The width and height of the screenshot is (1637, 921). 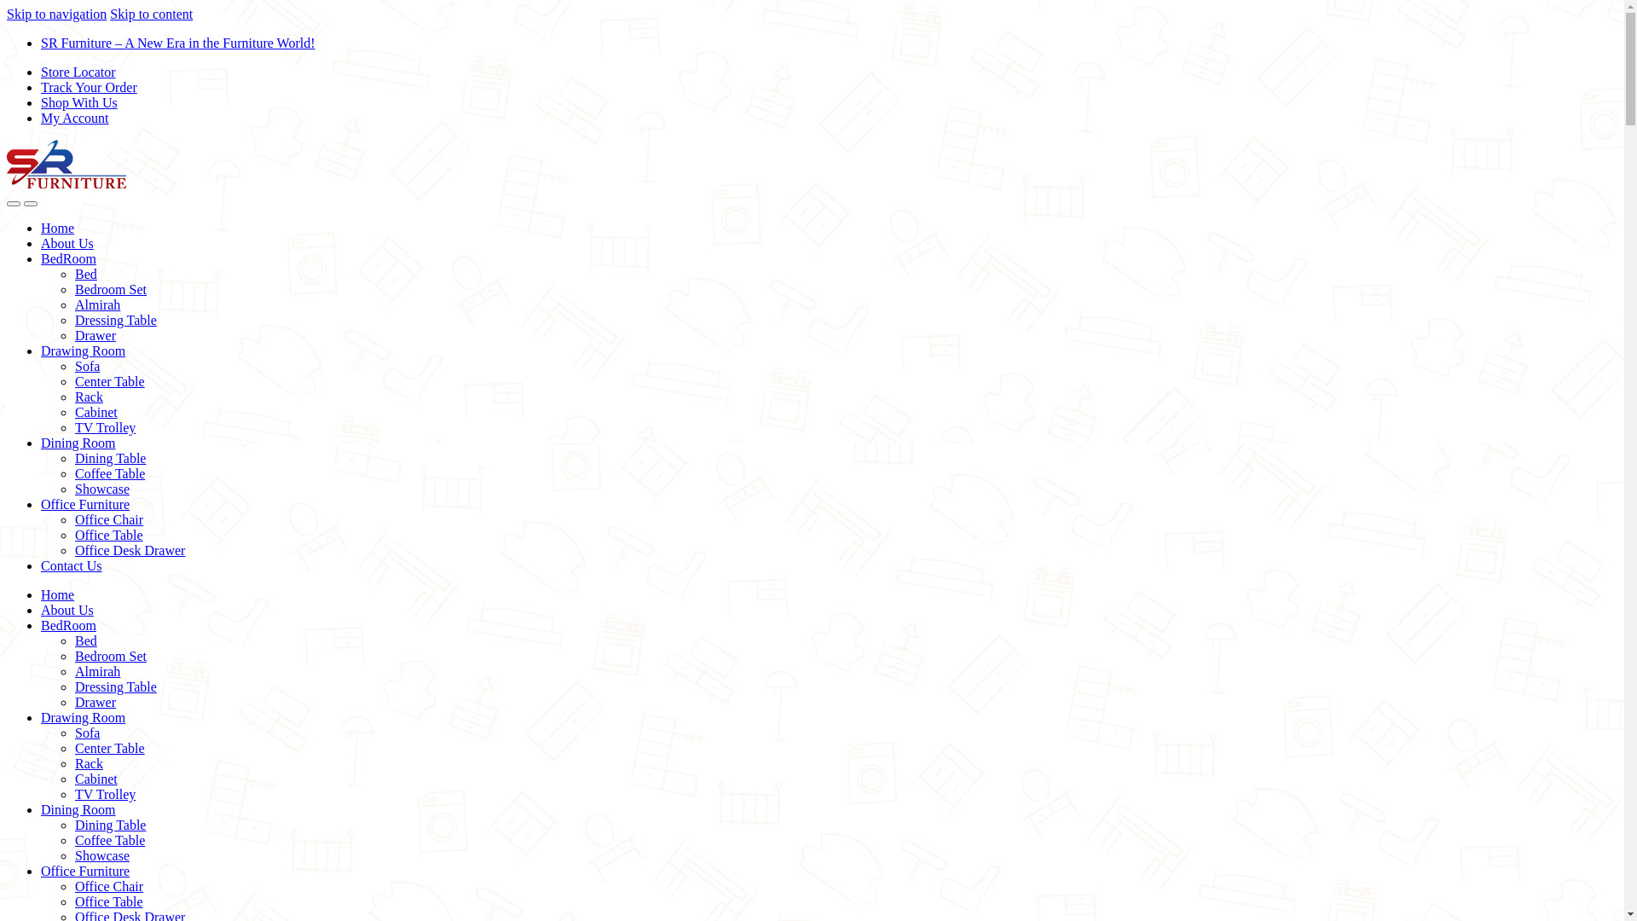 I want to click on 'Skip to content', so click(x=109, y=14).